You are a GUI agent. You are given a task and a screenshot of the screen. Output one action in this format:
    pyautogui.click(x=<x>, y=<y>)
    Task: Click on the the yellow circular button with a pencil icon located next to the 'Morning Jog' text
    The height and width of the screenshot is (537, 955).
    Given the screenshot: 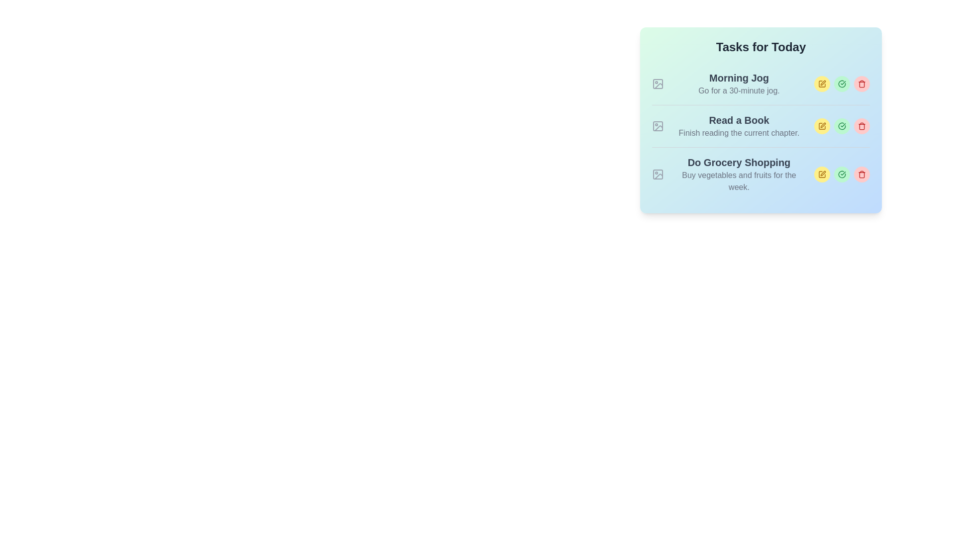 What is the action you would take?
    pyautogui.click(x=822, y=84)
    